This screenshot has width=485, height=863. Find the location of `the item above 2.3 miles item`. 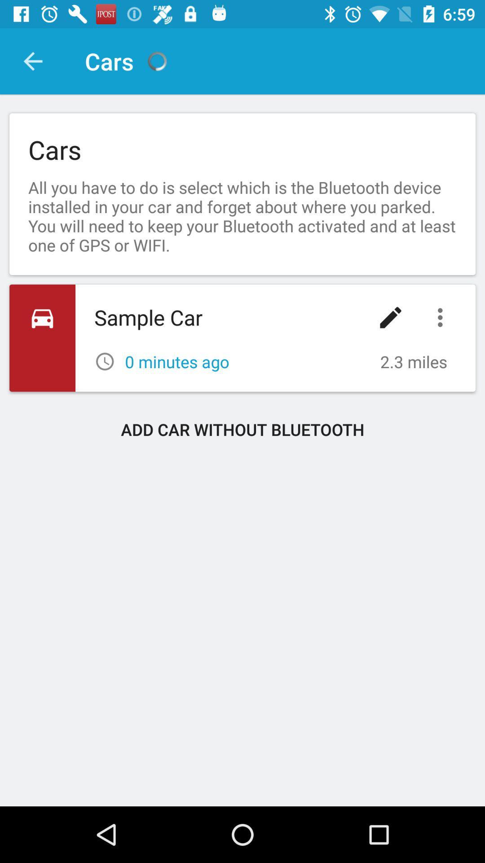

the item above 2.3 miles item is located at coordinates (442, 317).